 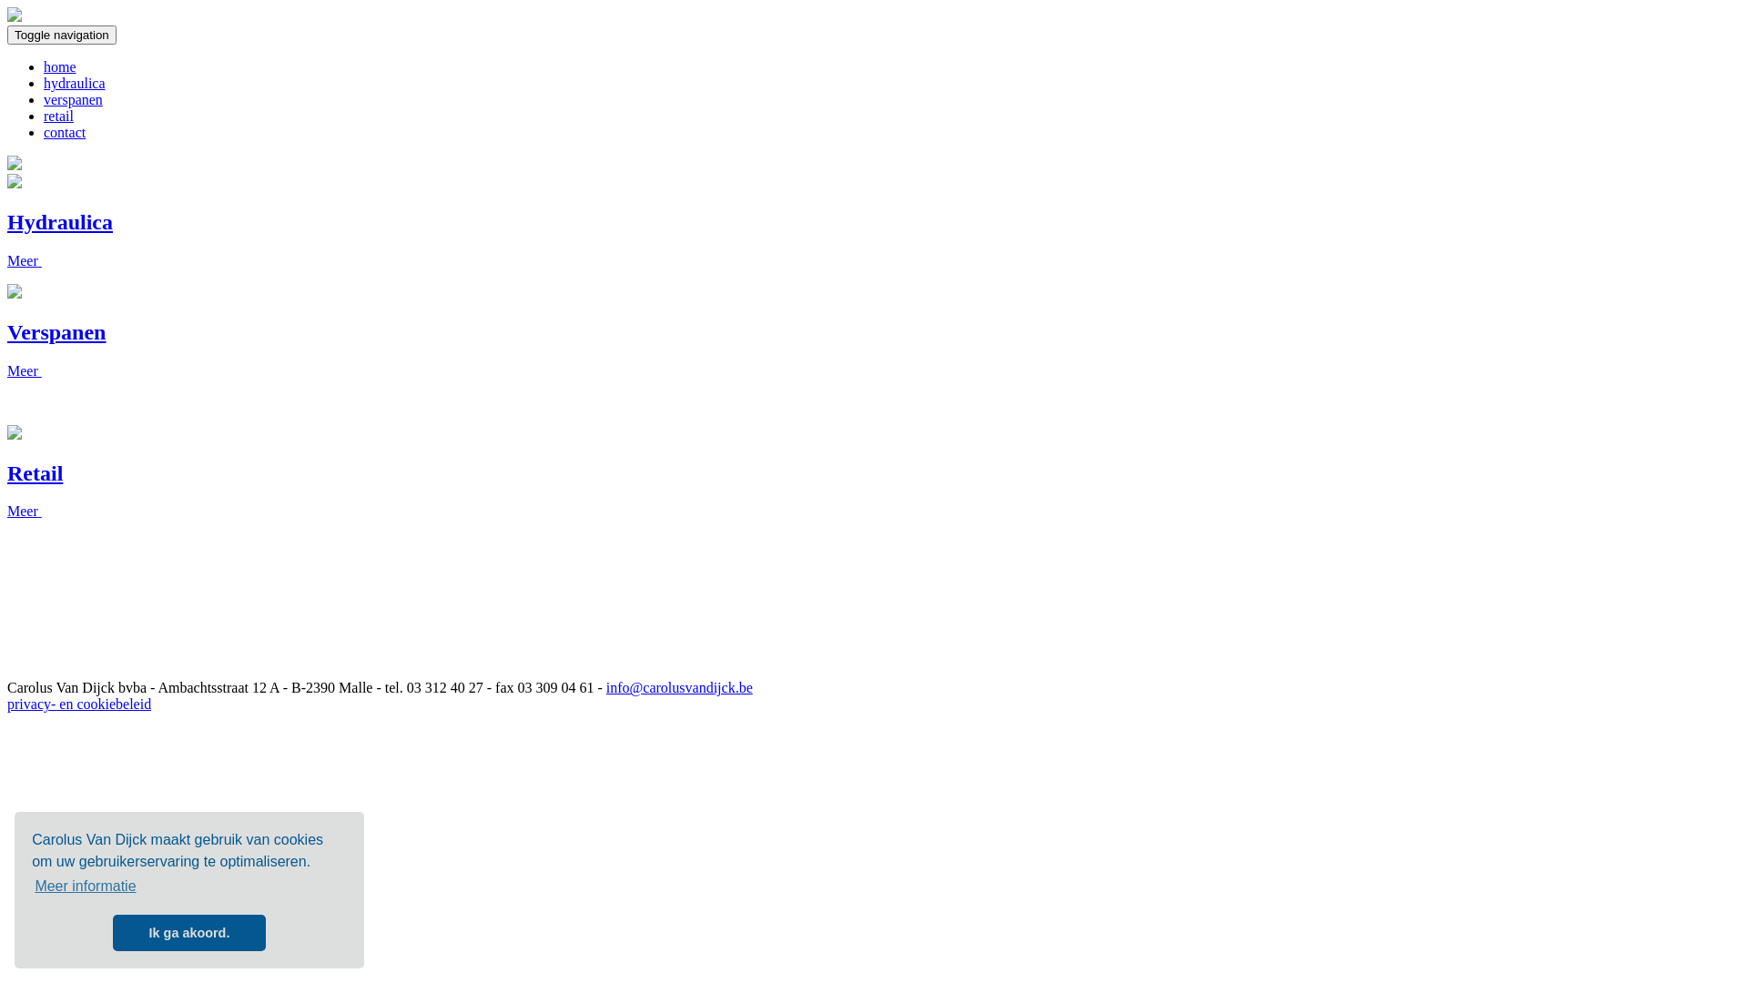 What do you see at coordinates (61, 35) in the screenshot?
I see `'Toggle navigation'` at bounding box center [61, 35].